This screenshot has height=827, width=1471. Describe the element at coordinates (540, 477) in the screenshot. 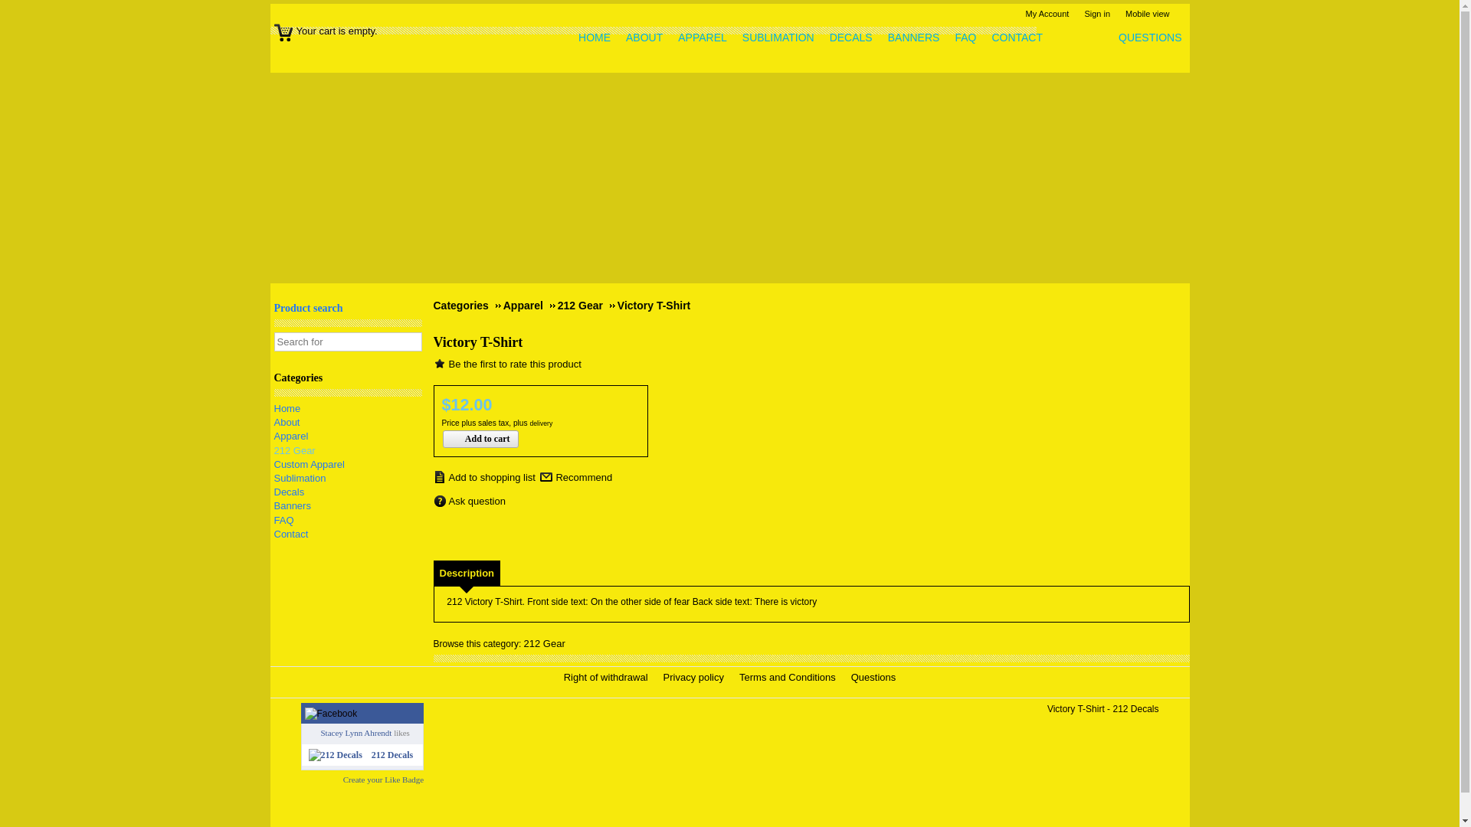

I see `'Recommend'` at that location.